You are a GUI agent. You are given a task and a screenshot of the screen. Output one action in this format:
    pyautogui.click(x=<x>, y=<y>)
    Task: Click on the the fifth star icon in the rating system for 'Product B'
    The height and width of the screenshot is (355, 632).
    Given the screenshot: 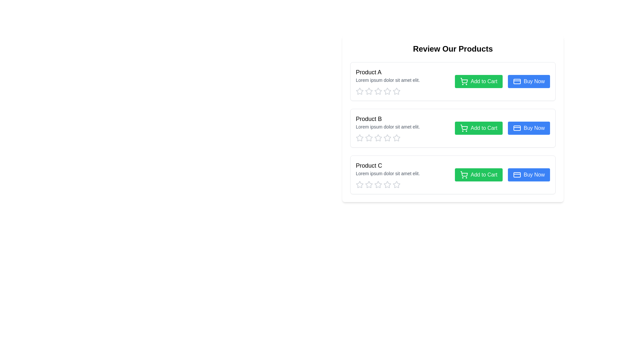 What is the action you would take?
    pyautogui.click(x=396, y=138)
    